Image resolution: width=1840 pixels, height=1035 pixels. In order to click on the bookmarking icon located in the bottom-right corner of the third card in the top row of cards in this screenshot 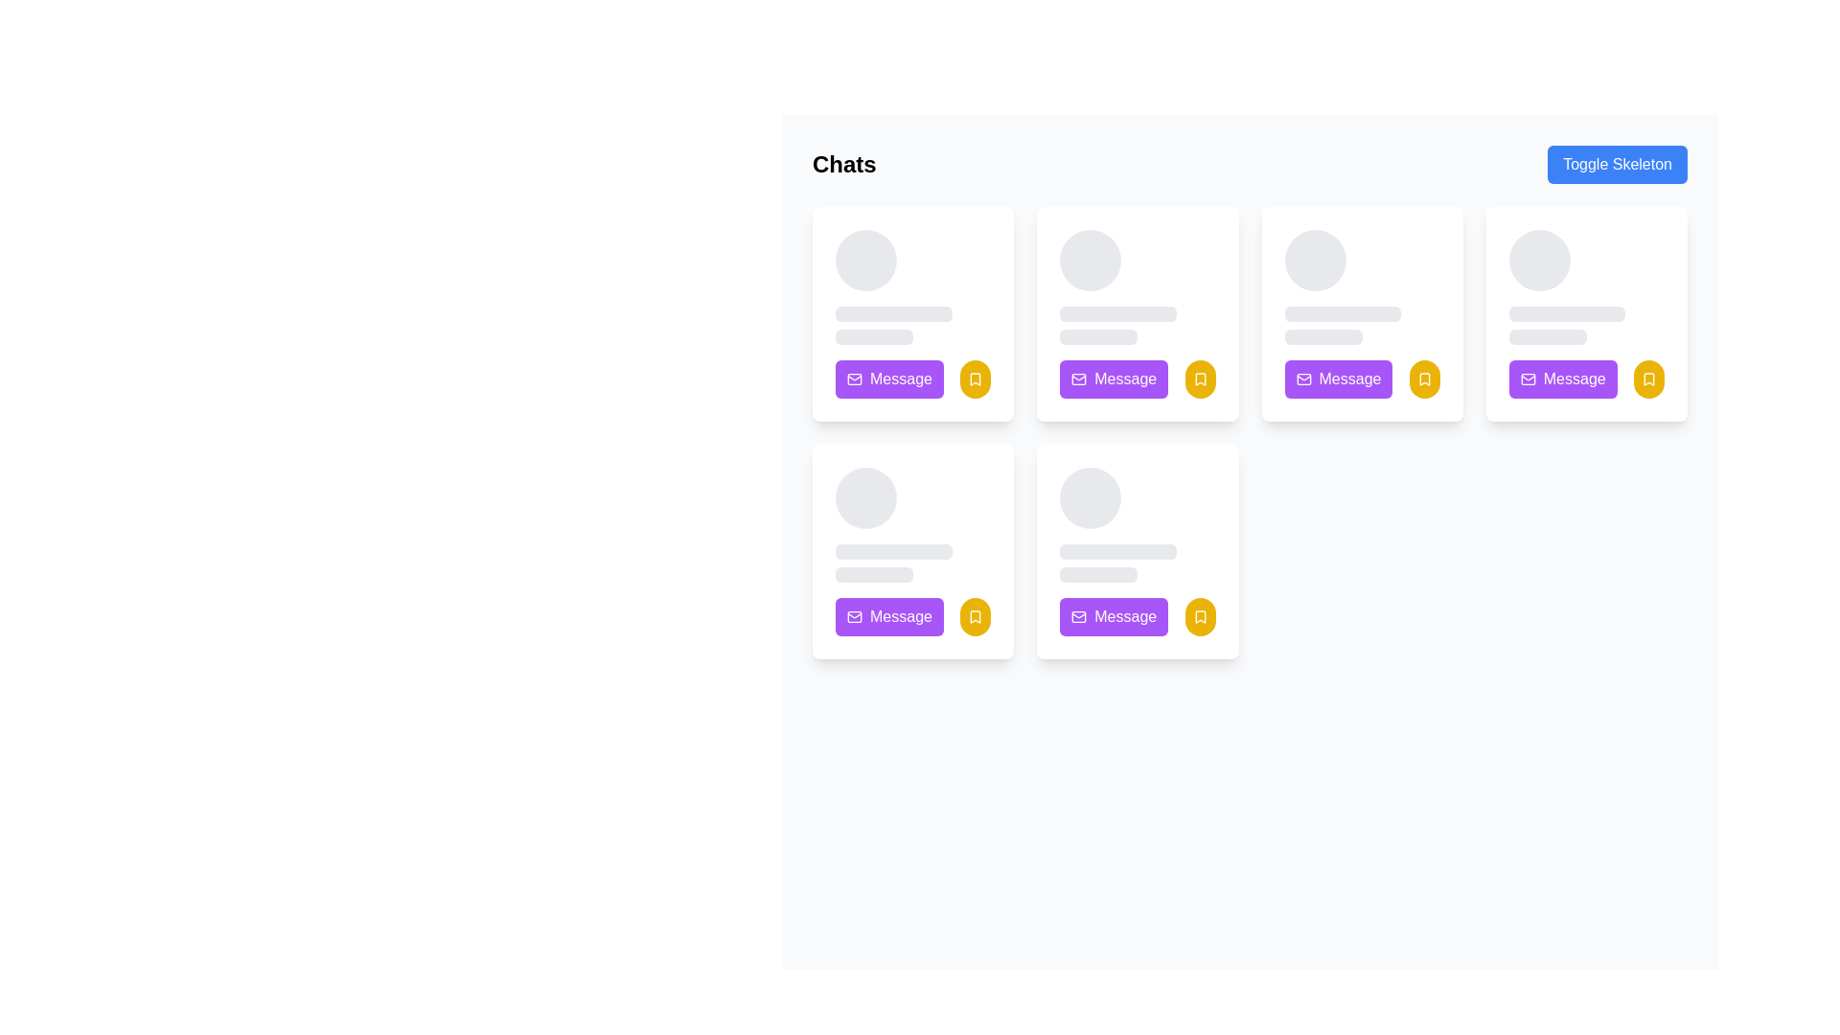, I will do `click(1424, 379)`.